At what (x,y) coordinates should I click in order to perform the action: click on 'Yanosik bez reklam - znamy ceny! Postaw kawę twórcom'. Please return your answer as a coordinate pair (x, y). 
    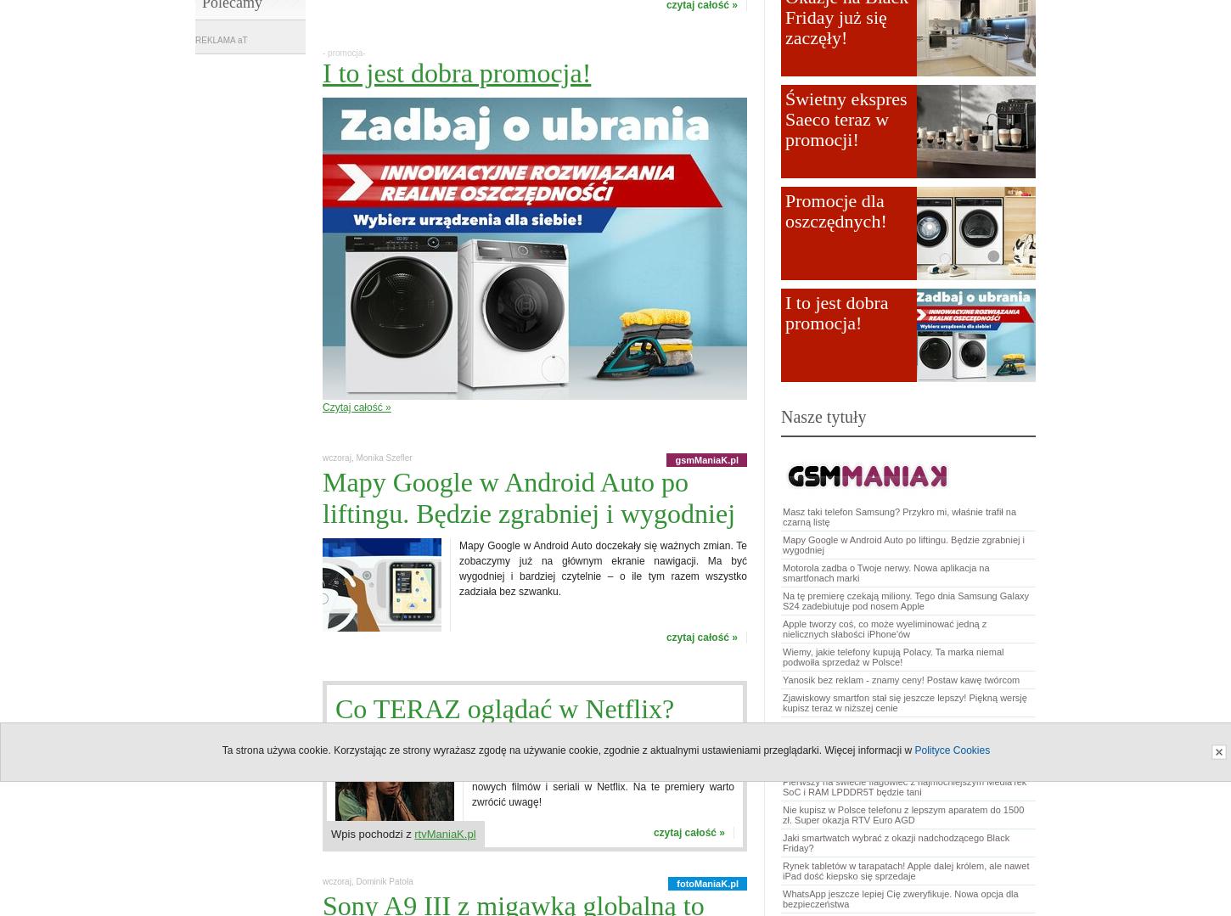
    Looking at the image, I should click on (901, 679).